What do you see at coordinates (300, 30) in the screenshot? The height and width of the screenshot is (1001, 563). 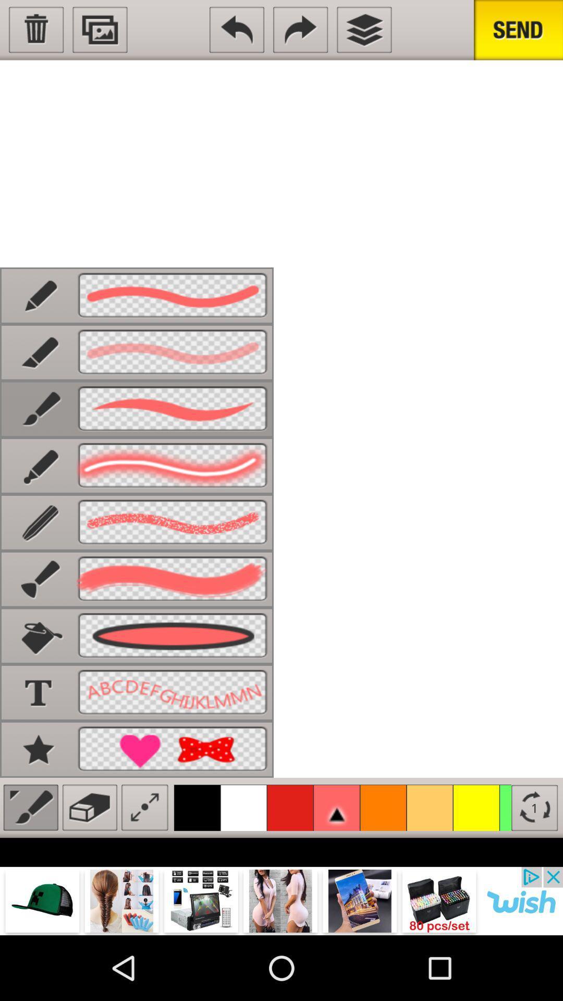 I see `next page` at bounding box center [300, 30].